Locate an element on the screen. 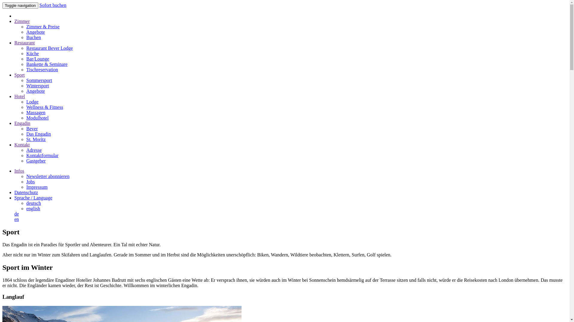 The width and height of the screenshot is (574, 322). 'Modulhotel' is located at coordinates (37, 118).